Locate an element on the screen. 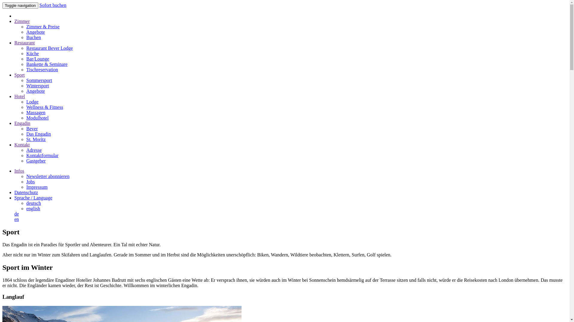 The width and height of the screenshot is (574, 322). 'Modulhotel' is located at coordinates (37, 118).